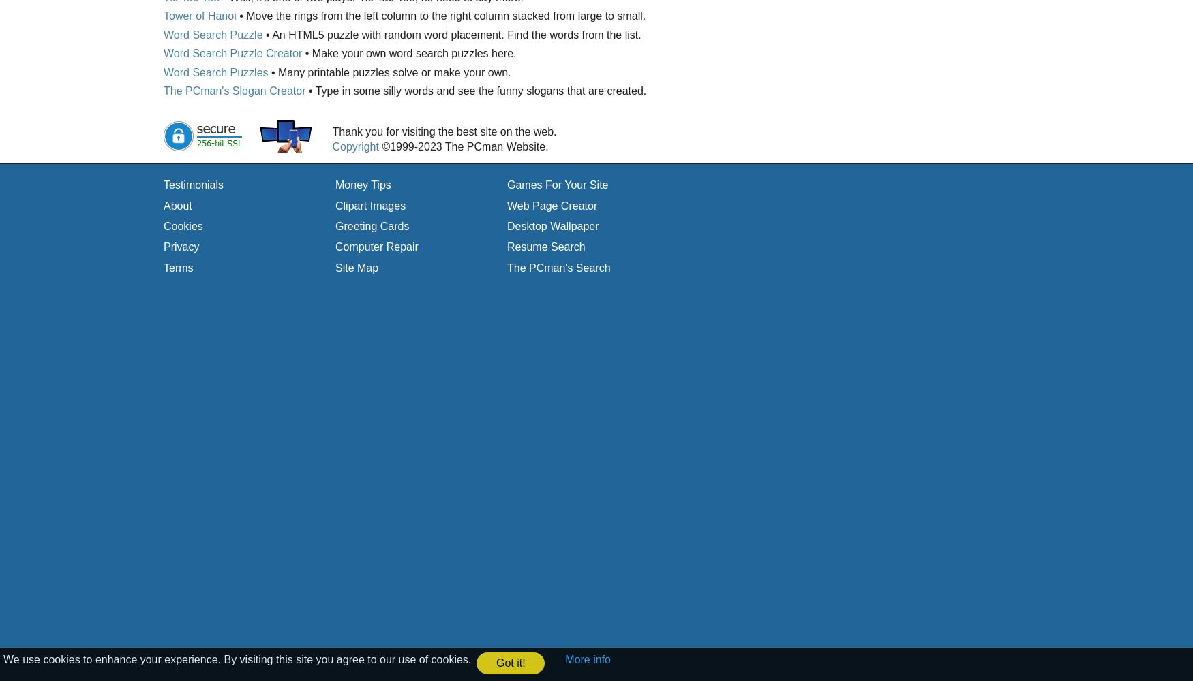 Image resolution: width=1193 pixels, height=681 pixels. Describe the element at coordinates (369, 205) in the screenshot. I see `'Clipart Images'` at that location.